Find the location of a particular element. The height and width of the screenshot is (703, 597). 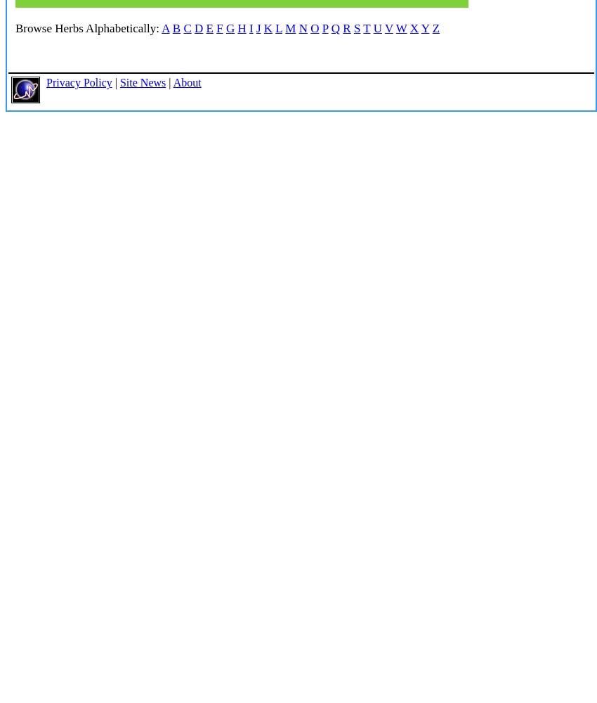

'A' is located at coordinates (165, 28).